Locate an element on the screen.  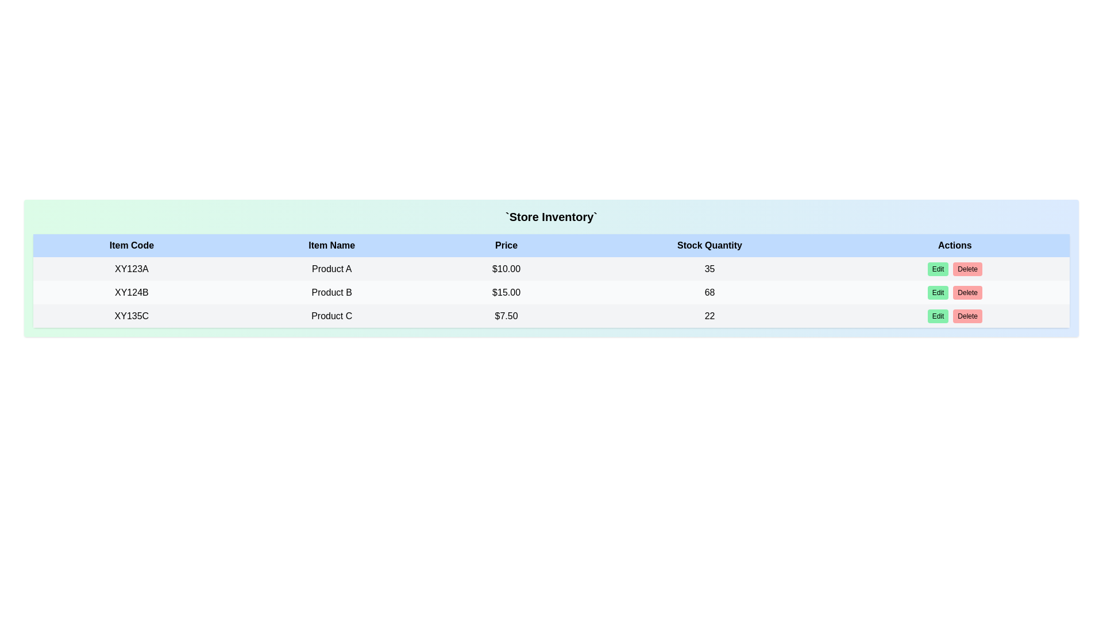
the second row in the table labeled 'Product B' is located at coordinates (551, 292).